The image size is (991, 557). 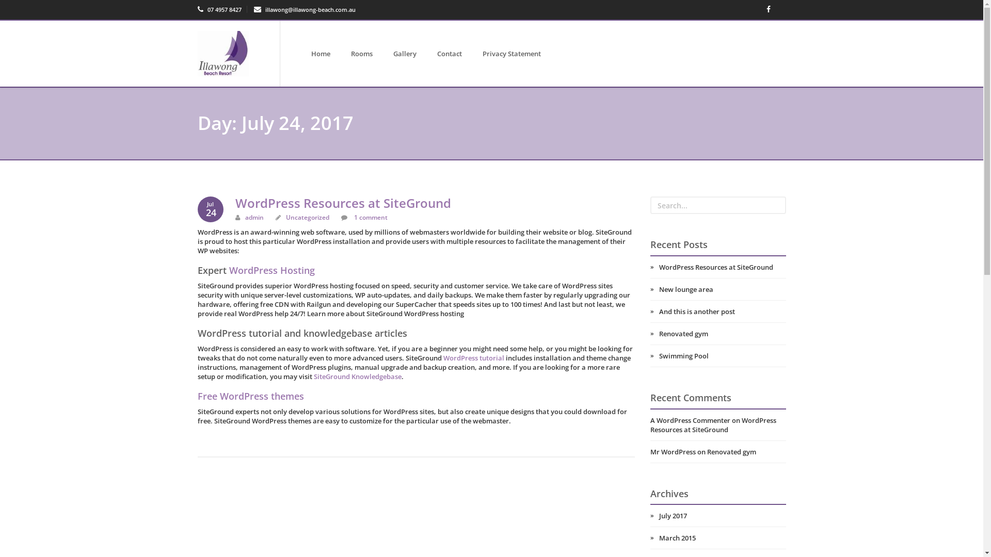 What do you see at coordinates (254, 217) in the screenshot?
I see `'admin'` at bounding box center [254, 217].